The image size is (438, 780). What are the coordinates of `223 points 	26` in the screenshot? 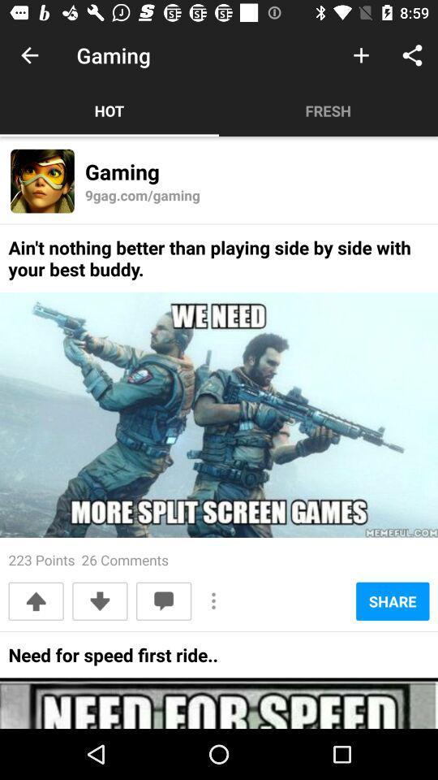 It's located at (88, 560).